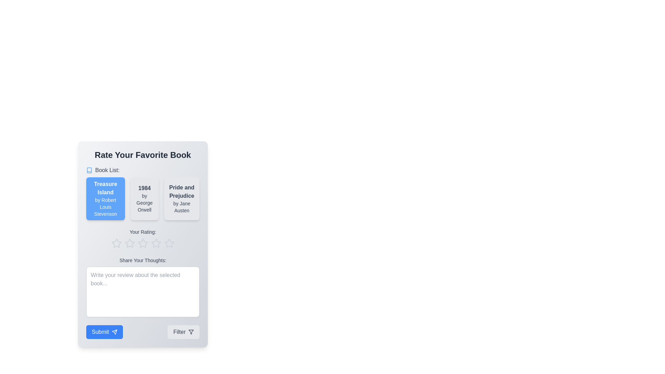 The image size is (665, 374). What do you see at coordinates (144, 199) in the screenshot?
I see `the button labeled '1984 by George Orwell' which features bold text for '1984' and lighter text for 'by George Orwell', located in a horizontal list of book options` at bounding box center [144, 199].